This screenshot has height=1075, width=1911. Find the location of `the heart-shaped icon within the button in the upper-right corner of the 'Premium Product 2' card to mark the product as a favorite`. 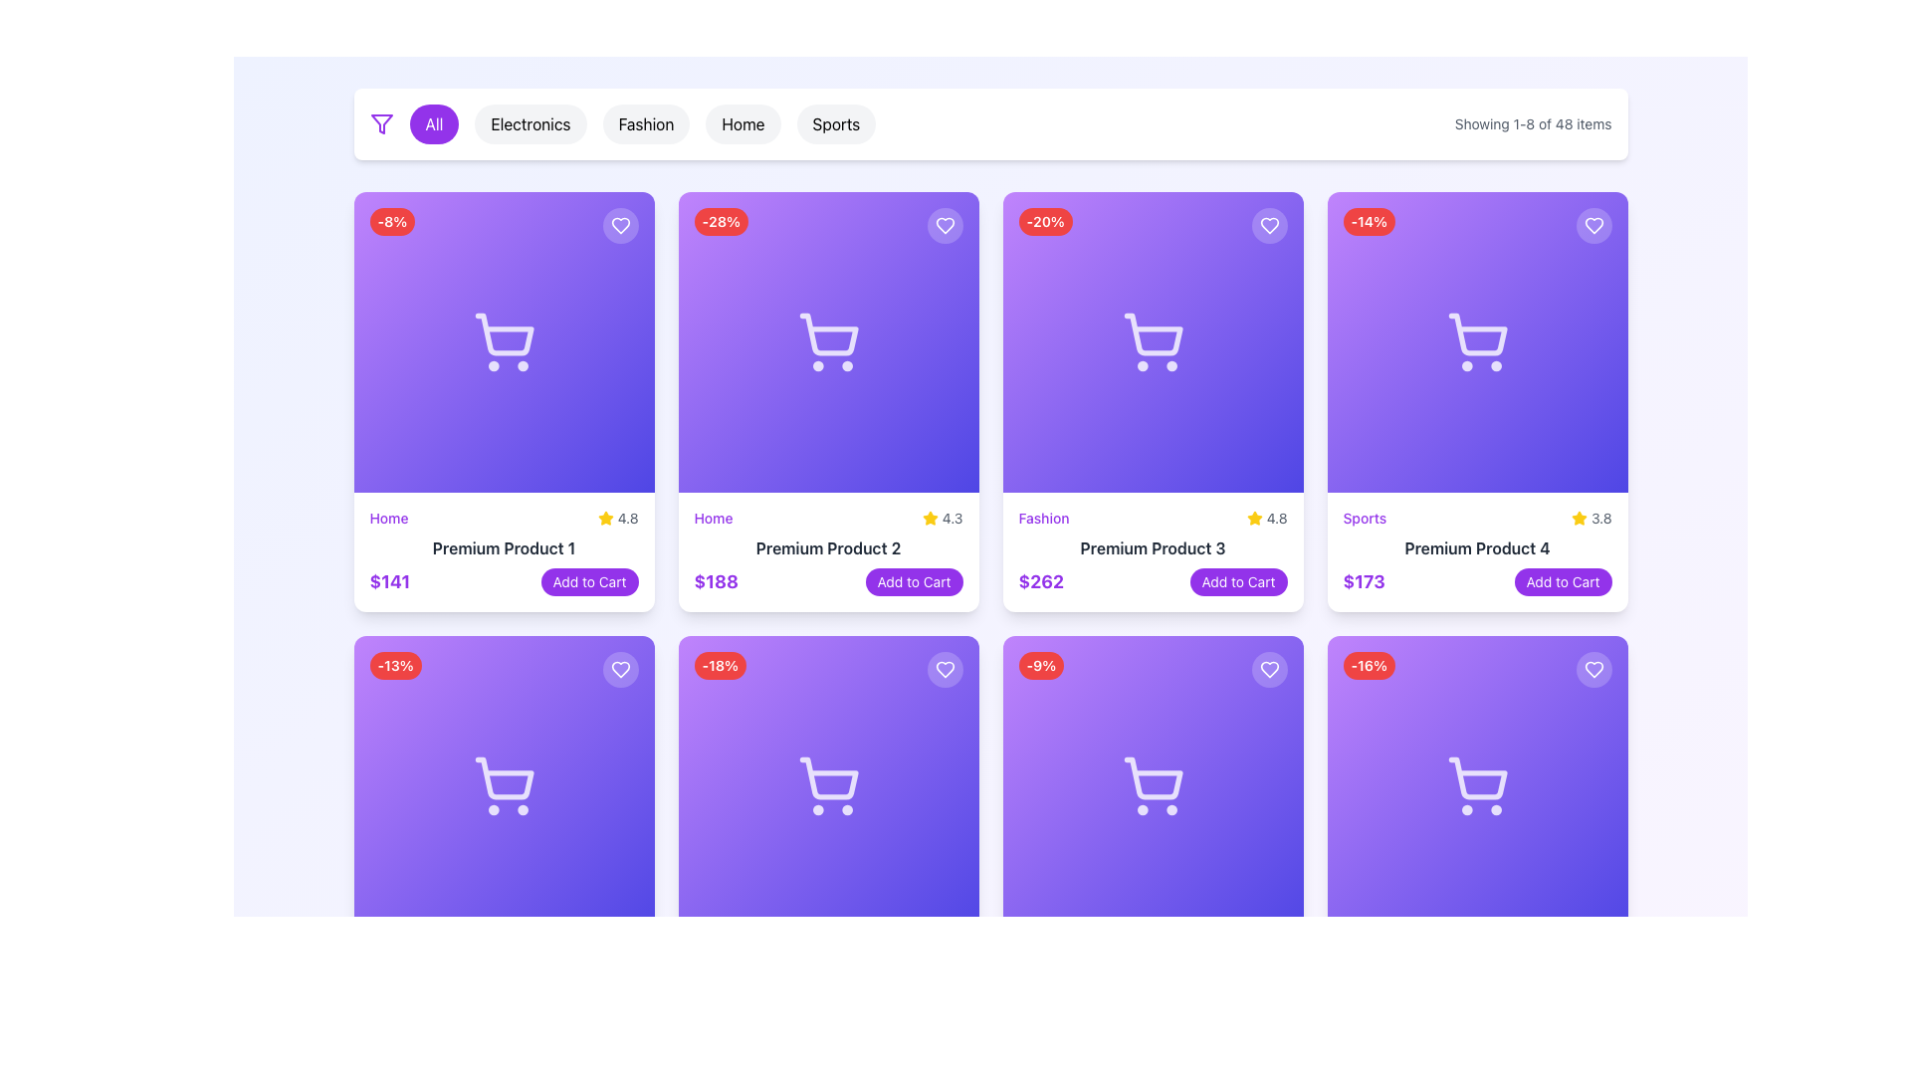

the heart-shaped icon within the button in the upper-right corner of the 'Premium Product 2' card to mark the product as a favorite is located at coordinates (944, 225).